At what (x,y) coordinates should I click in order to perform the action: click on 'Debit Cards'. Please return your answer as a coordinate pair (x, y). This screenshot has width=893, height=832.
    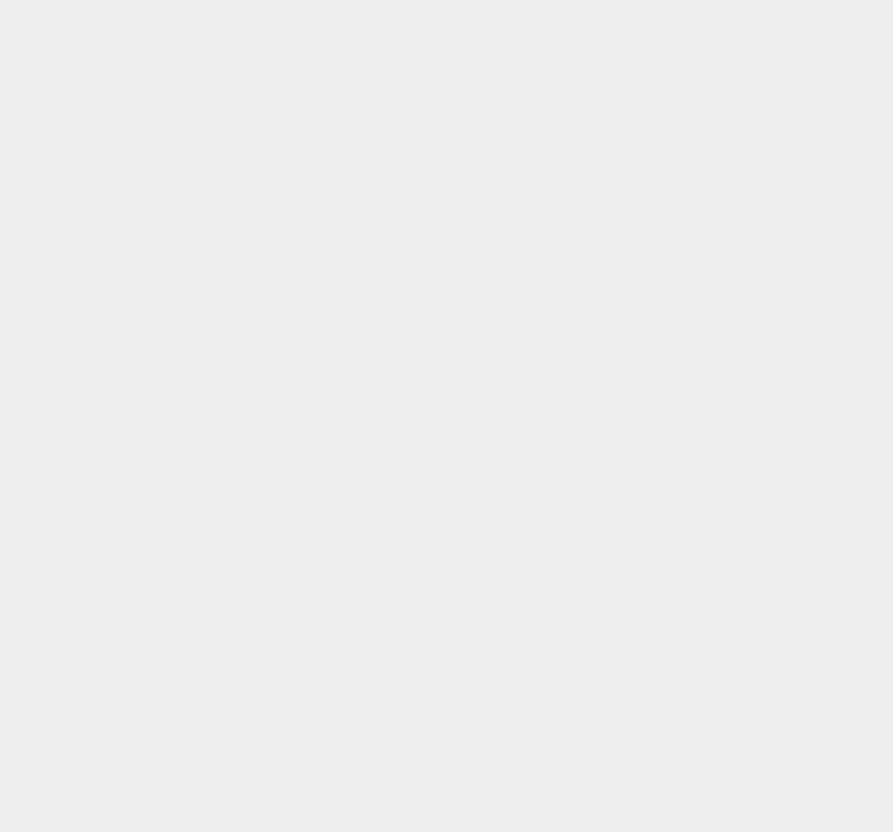
    Looking at the image, I should click on (658, 103).